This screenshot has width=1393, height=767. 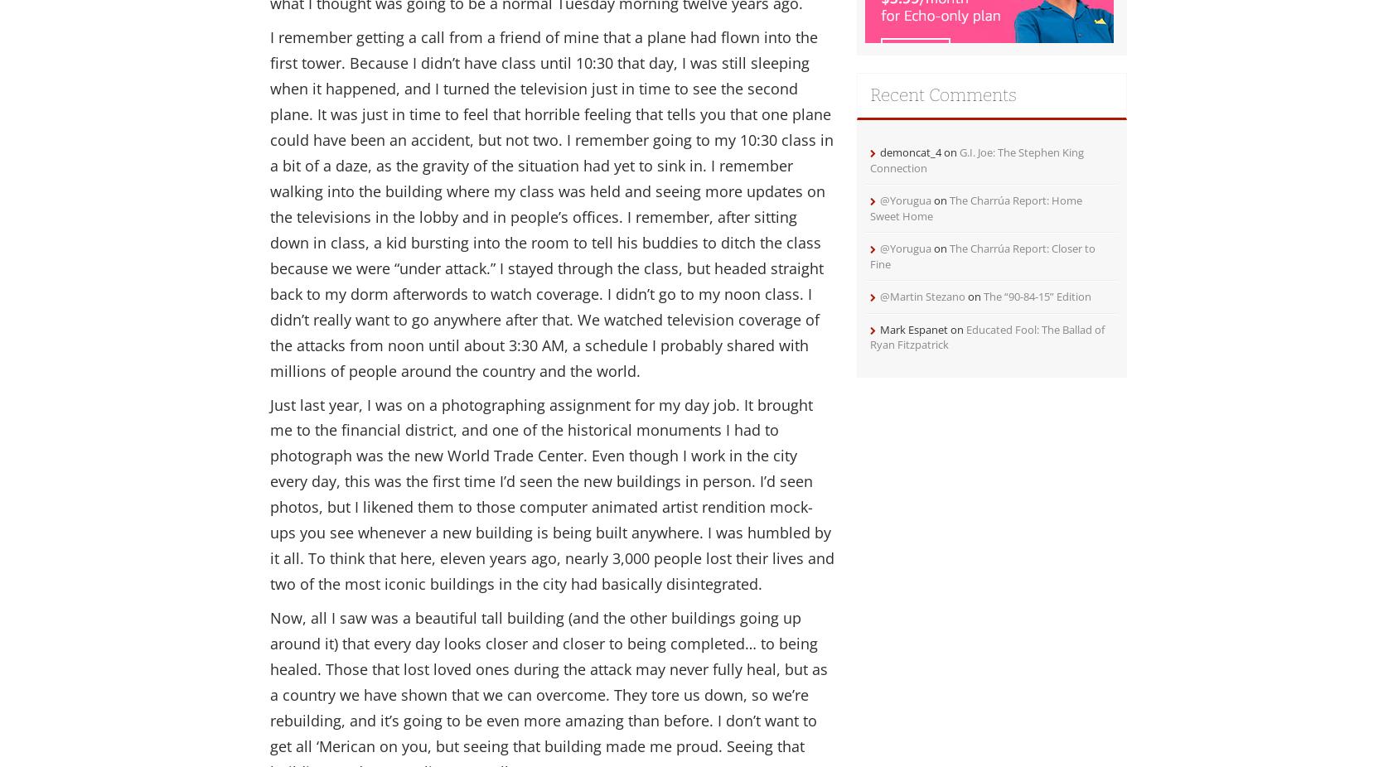 What do you see at coordinates (910, 150) in the screenshot?
I see `'demoncat_4'` at bounding box center [910, 150].